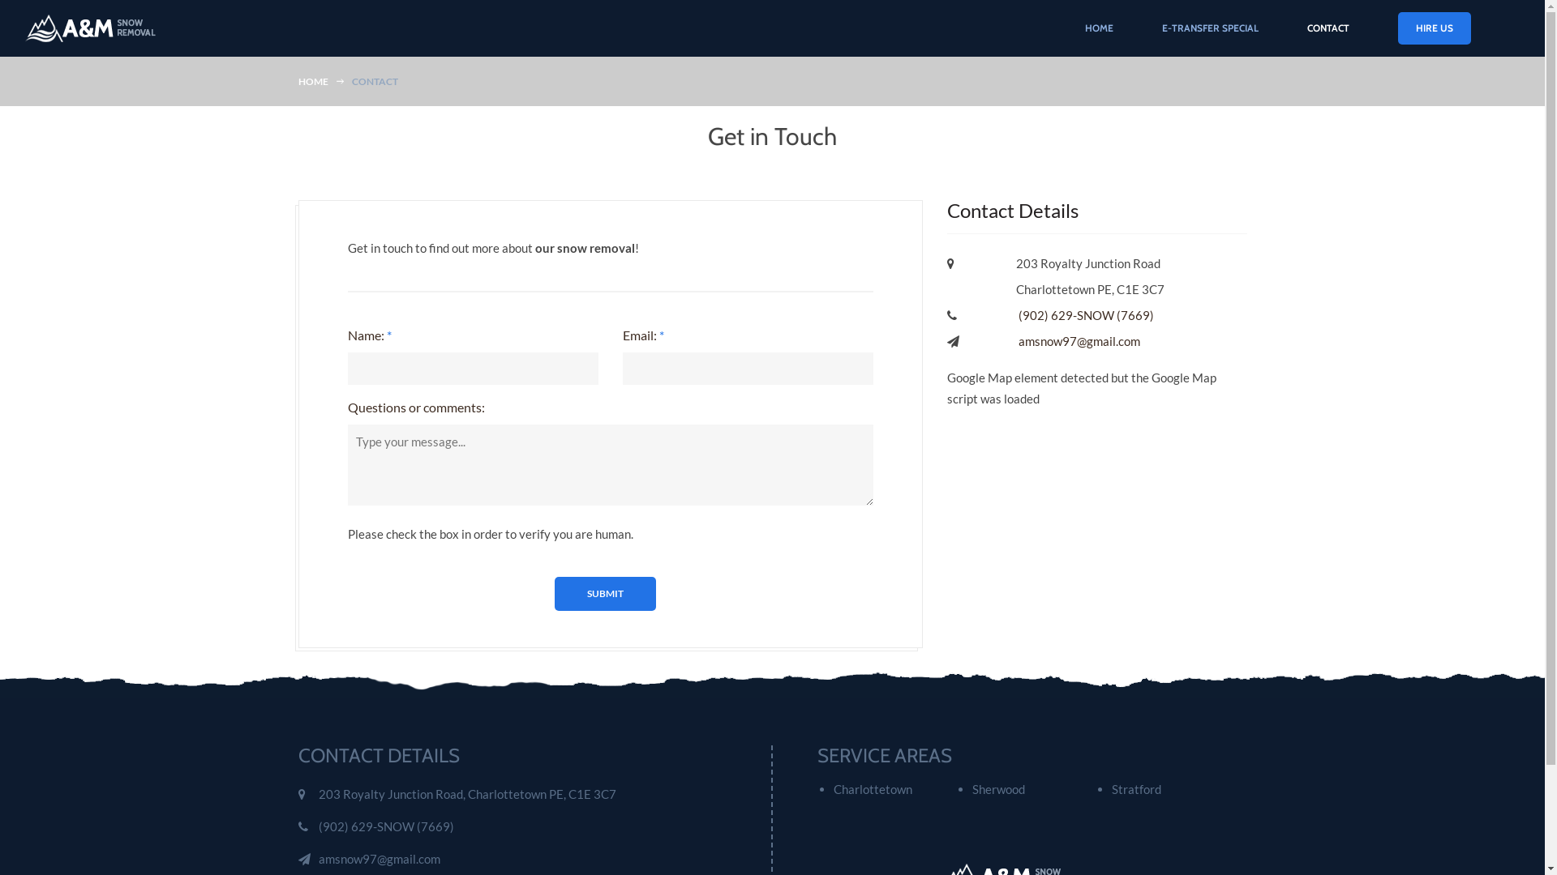  Describe the element at coordinates (1396, 28) in the screenshot. I see `'HIRE US'` at that location.